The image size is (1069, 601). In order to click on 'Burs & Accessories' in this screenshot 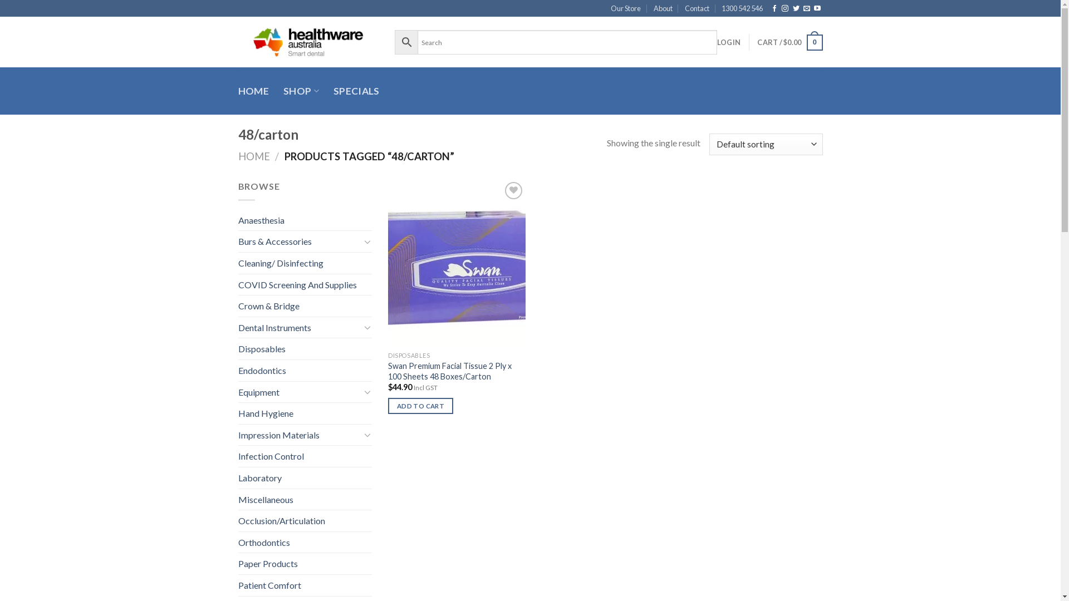, I will do `click(237, 241)`.